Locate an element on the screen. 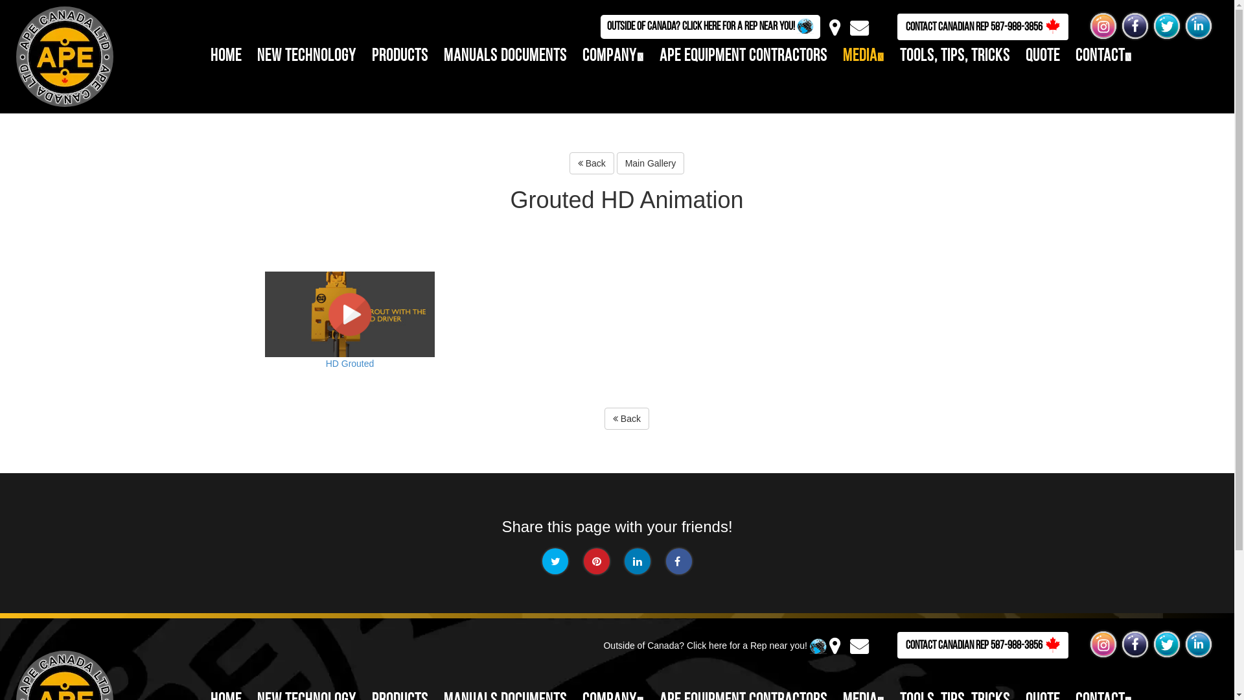 This screenshot has height=700, width=1244. 'share on LinkedIn' is located at coordinates (625, 561).